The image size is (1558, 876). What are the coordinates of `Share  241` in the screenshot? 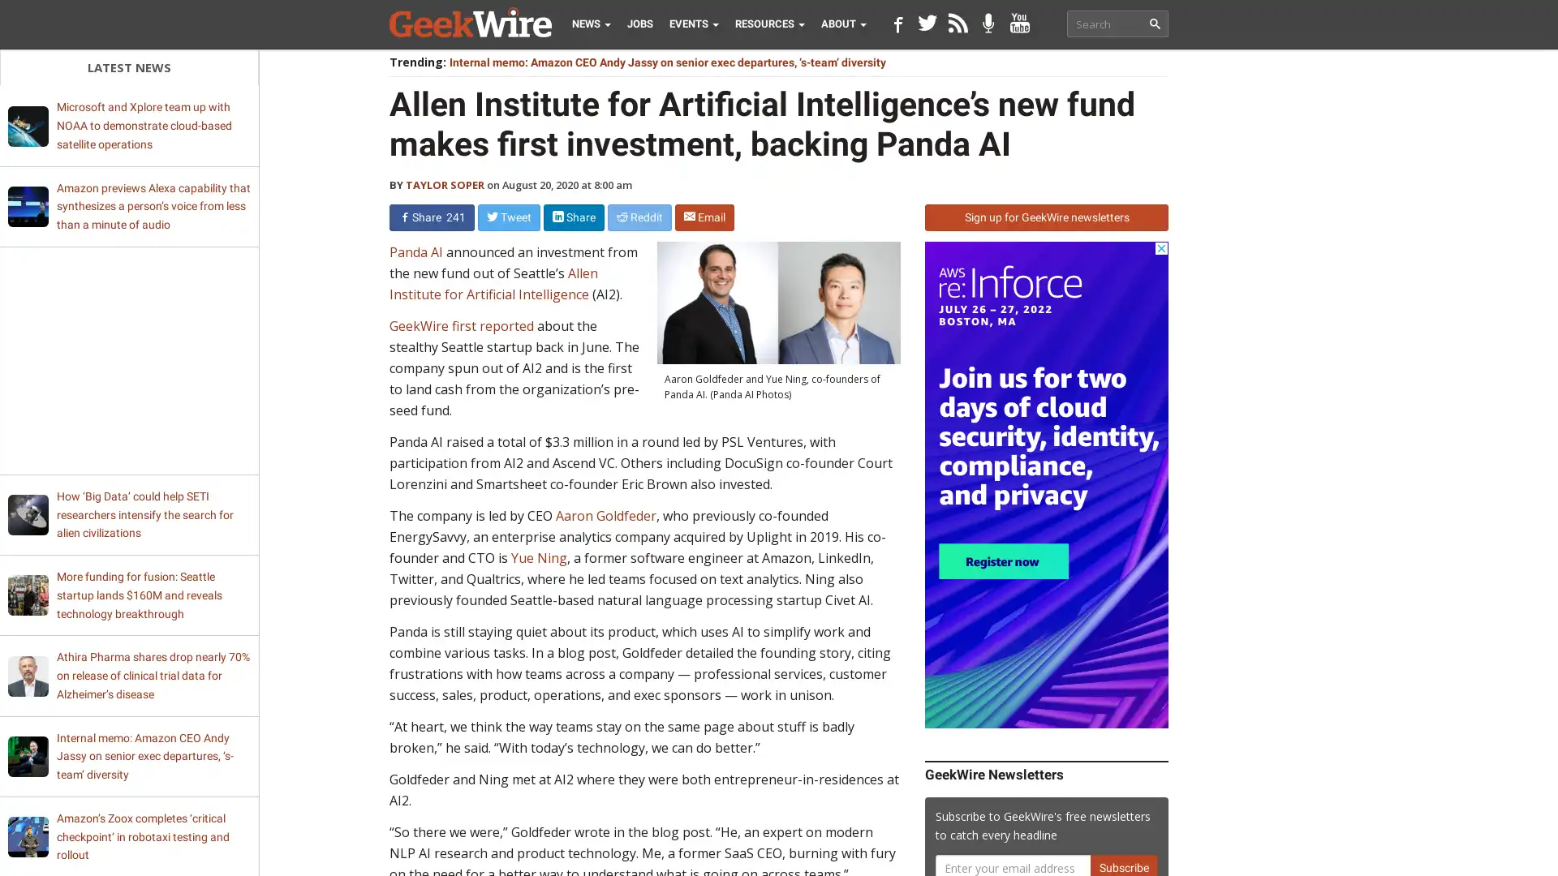 It's located at (432, 216).